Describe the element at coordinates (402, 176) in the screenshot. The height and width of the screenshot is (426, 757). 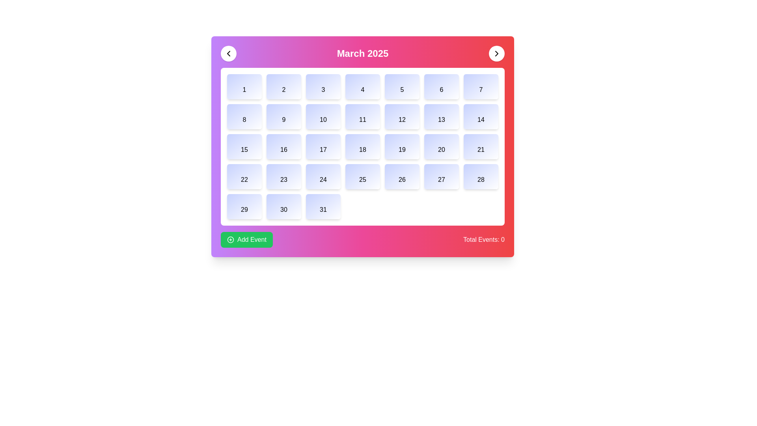
I see `the Date Tile representing the 26th day in the March 2025 calendar` at that location.